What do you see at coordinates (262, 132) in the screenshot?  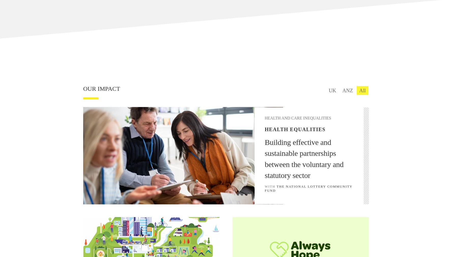 I see `'We partner with organisations and groups of organisations to support learning around complex, systemic challenges, and develop and scale new practices that make a positive difference. We help diverse groups of people to work together to generate new insights, and design and facilitate innovation programs that make meaningful change at scale.'` at bounding box center [262, 132].